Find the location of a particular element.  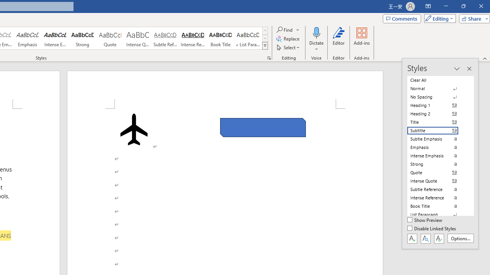

'Clear All' is located at coordinates (437, 80).